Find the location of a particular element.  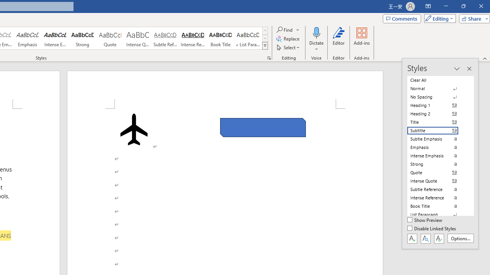

'Clear All' is located at coordinates (437, 80).